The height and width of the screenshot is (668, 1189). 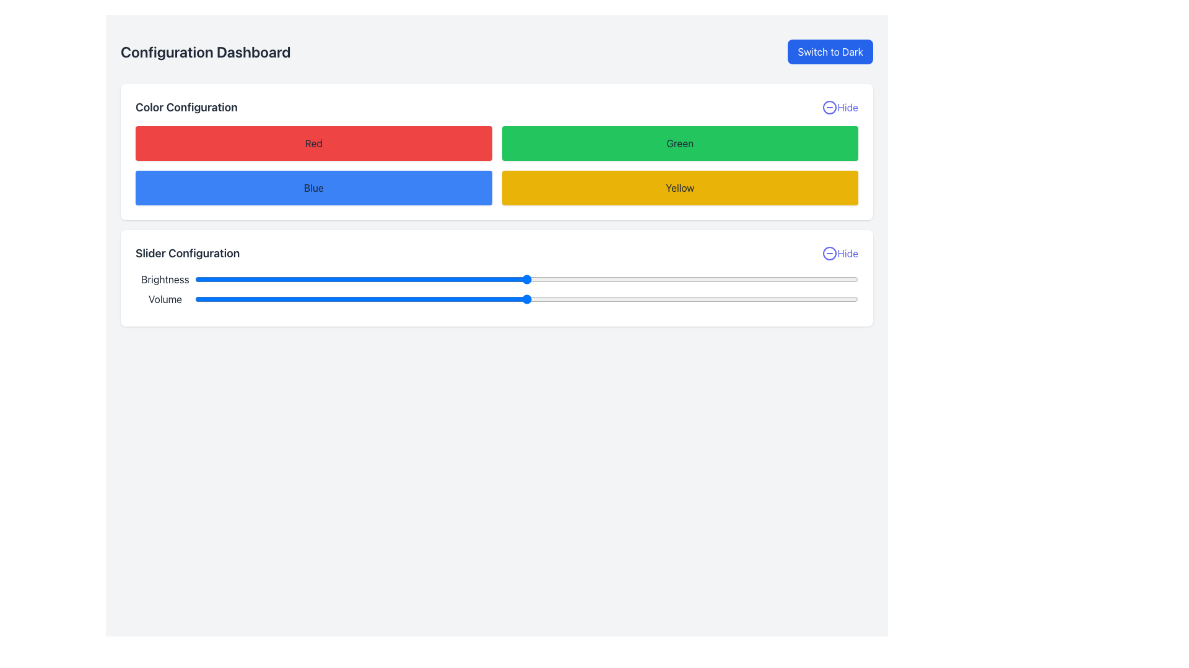 What do you see at coordinates (818, 299) in the screenshot?
I see `the slider value` at bounding box center [818, 299].